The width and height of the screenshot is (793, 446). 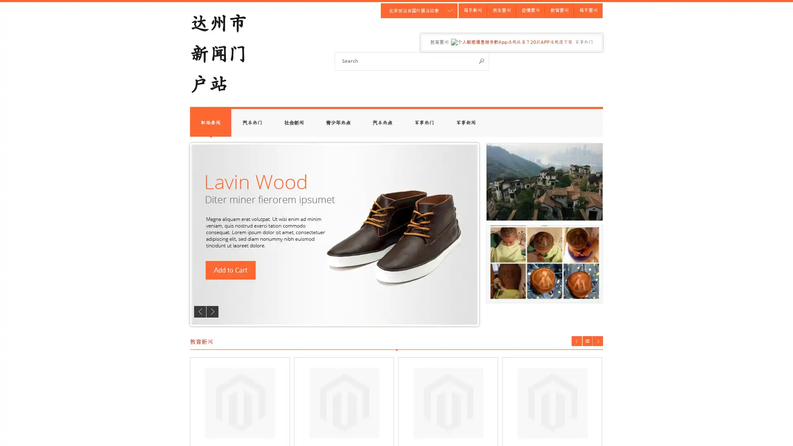 What do you see at coordinates (482, 60) in the screenshot?
I see `Search` at bounding box center [482, 60].